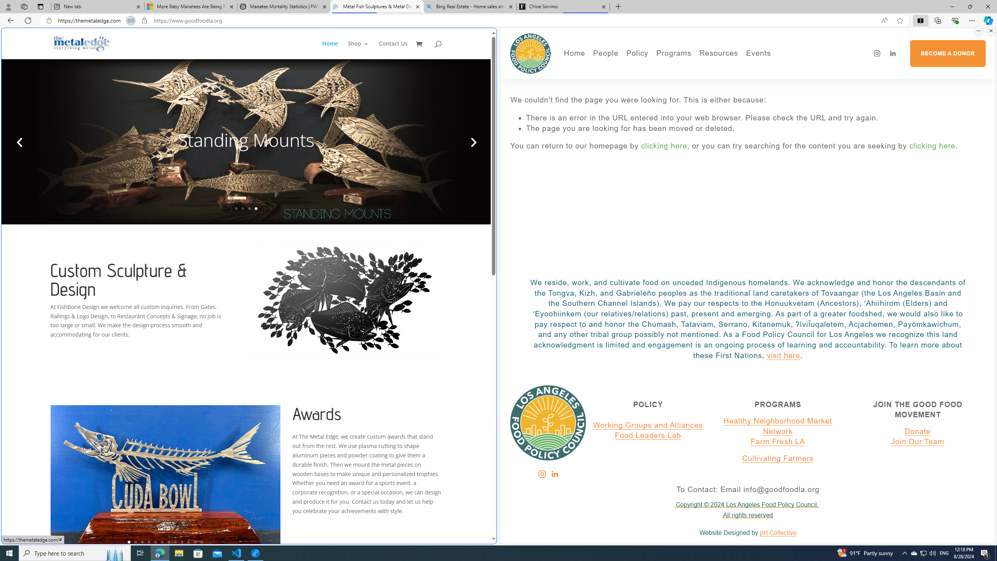  What do you see at coordinates (284, 6) in the screenshot?
I see `'Manatee Mortality Statistics | FWC'` at bounding box center [284, 6].